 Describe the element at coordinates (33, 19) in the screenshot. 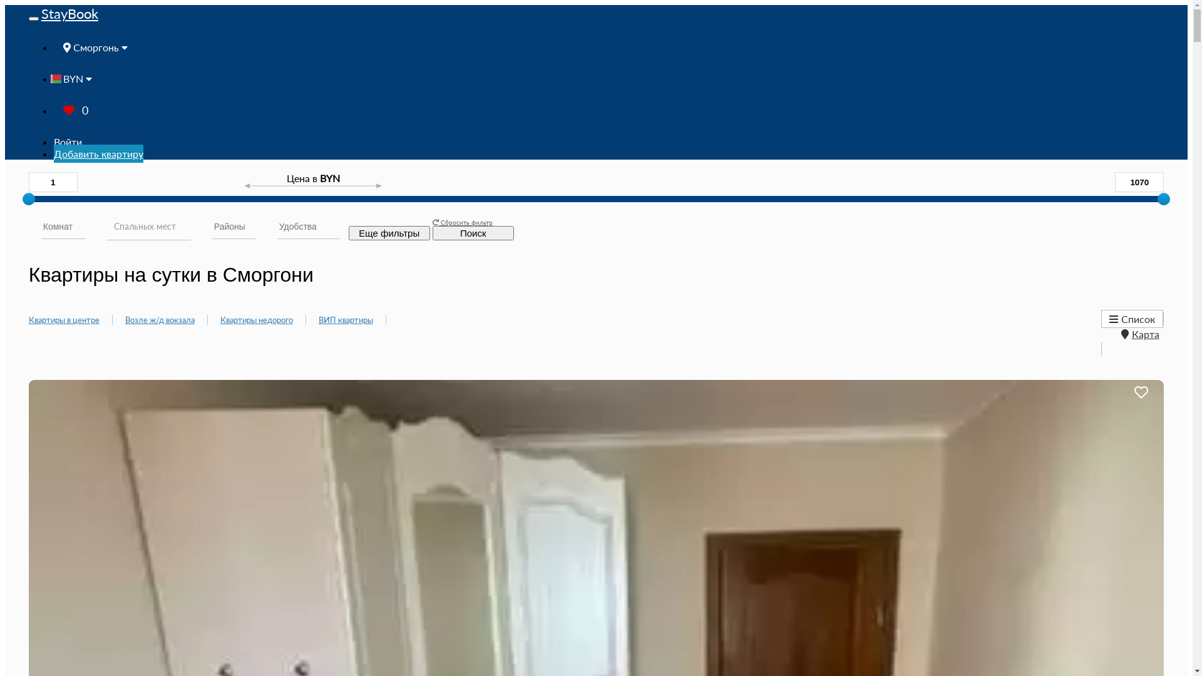

I see `'Toggle navigation'` at that location.